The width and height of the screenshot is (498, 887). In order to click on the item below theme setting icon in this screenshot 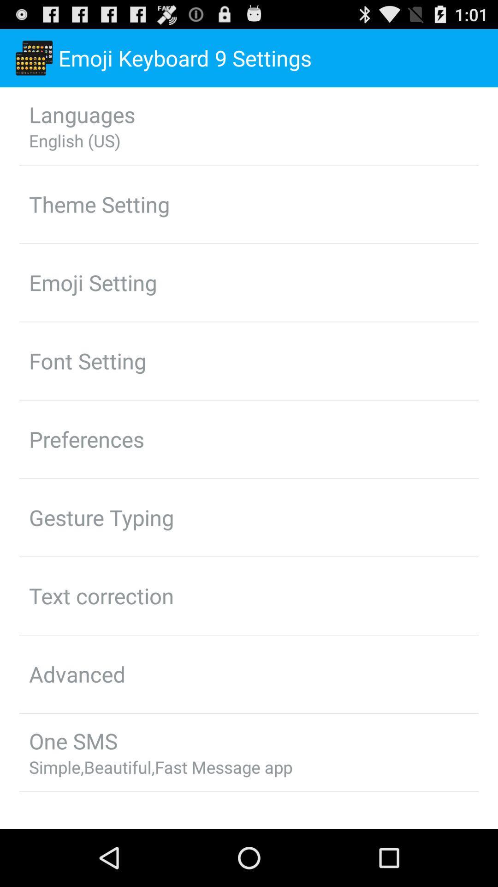, I will do `click(93, 282)`.